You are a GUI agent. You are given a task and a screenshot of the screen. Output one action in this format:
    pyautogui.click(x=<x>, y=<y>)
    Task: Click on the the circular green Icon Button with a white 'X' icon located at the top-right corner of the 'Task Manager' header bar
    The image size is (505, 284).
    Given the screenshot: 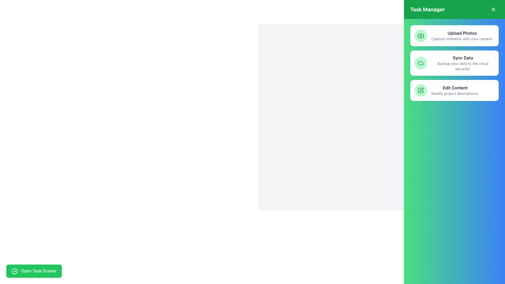 What is the action you would take?
    pyautogui.click(x=493, y=9)
    